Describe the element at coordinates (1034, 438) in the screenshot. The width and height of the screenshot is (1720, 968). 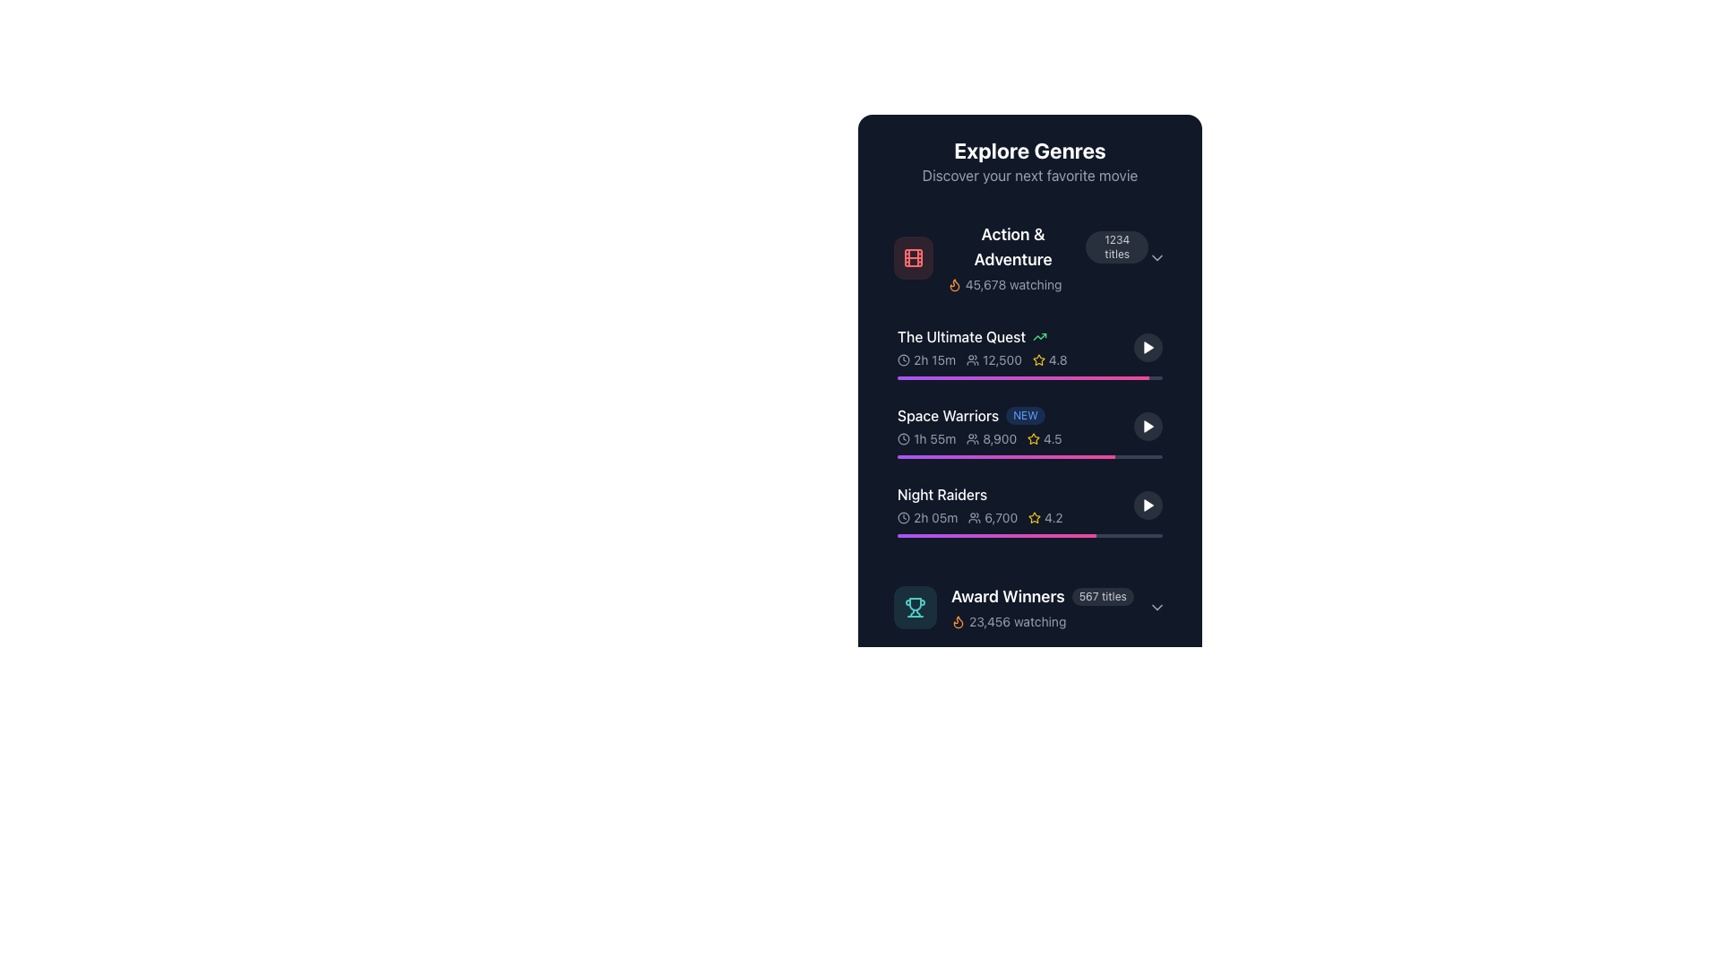
I see `the star rating icon for the 'Space Warriors' item, which is located to the left of the numeric rating '4.5' and beneath the text for 'The Ultimate Quest'` at that location.